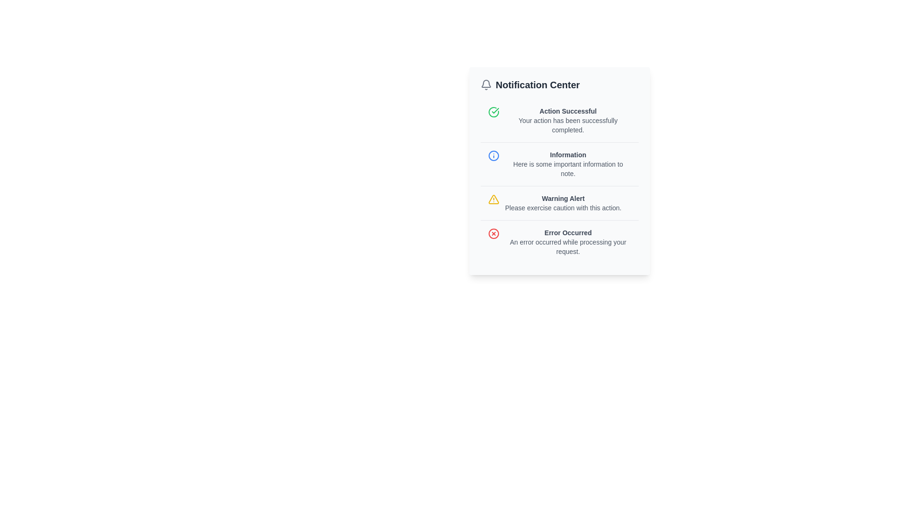  What do you see at coordinates (568, 120) in the screenshot?
I see `message displayed in the text block that shows 'Action Successful' and its subtext 'Your action has been successfully completed.' This text block is the first notification in the 'Notification Center' interface, positioned near the top with a green checkmark icon indicating success` at bounding box center [568, 120].